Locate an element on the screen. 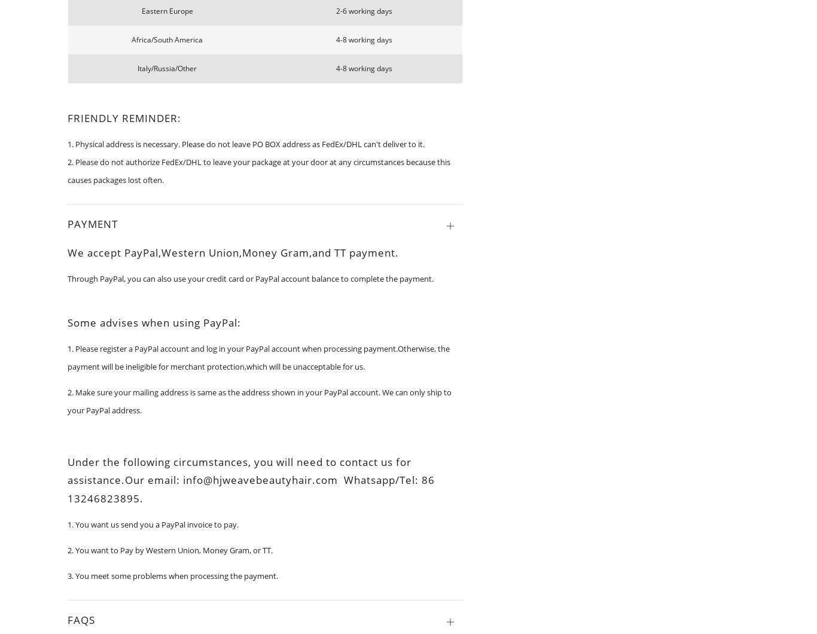 The width and height of the screenshot is (817, 634). '1. You want us send you a PayPal invoice to pay.' is located at coordinates (153, 523).